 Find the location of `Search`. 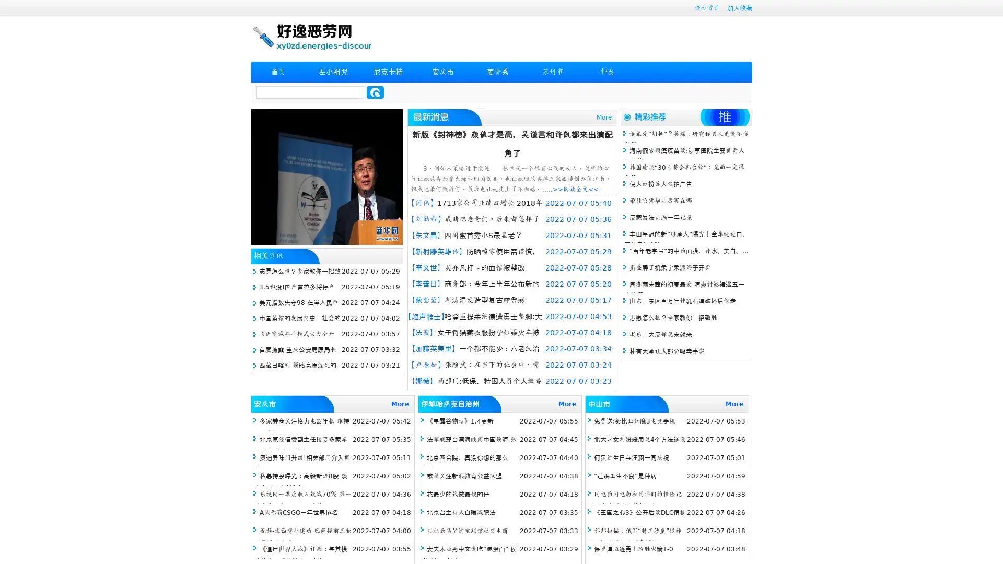

Search is located at coordinates (375, 92).